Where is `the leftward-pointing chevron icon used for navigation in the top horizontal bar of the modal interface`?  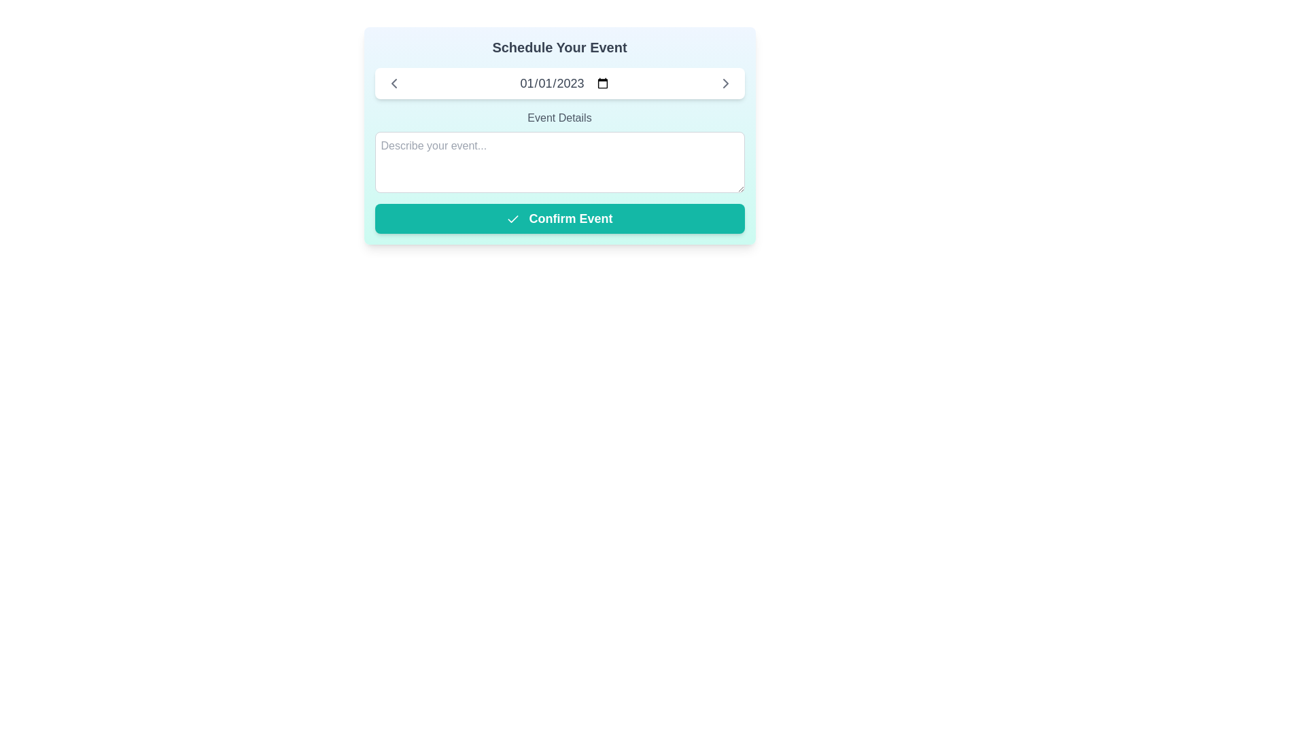 the leftward-pointing chevron icon used for navigation in the top horizontal bar of the modal interface is located at coordinates (393, 84).